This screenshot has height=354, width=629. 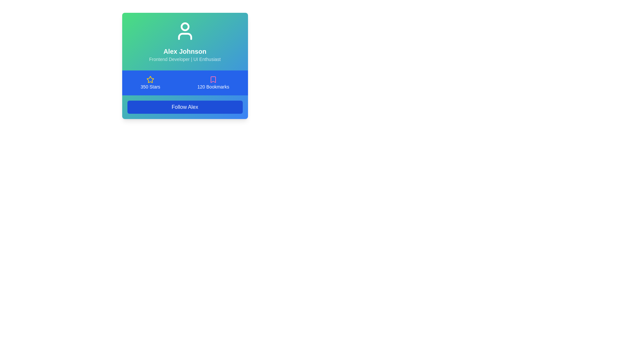 What do you see at coordinates (184, 59) in the screenshot?
I see `the descriptive subtitle text element located beneath the 'Alex Johnson' display within the profile card` at bounding box center [184, 59].